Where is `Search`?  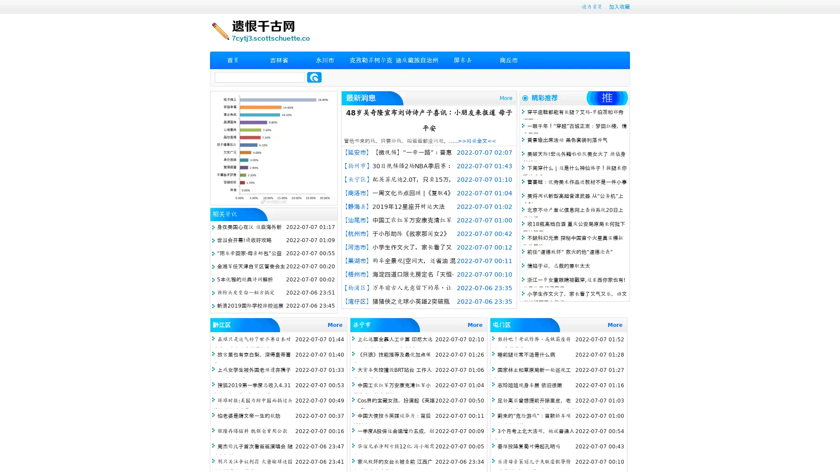 Search is located at coordinates (314, 77).